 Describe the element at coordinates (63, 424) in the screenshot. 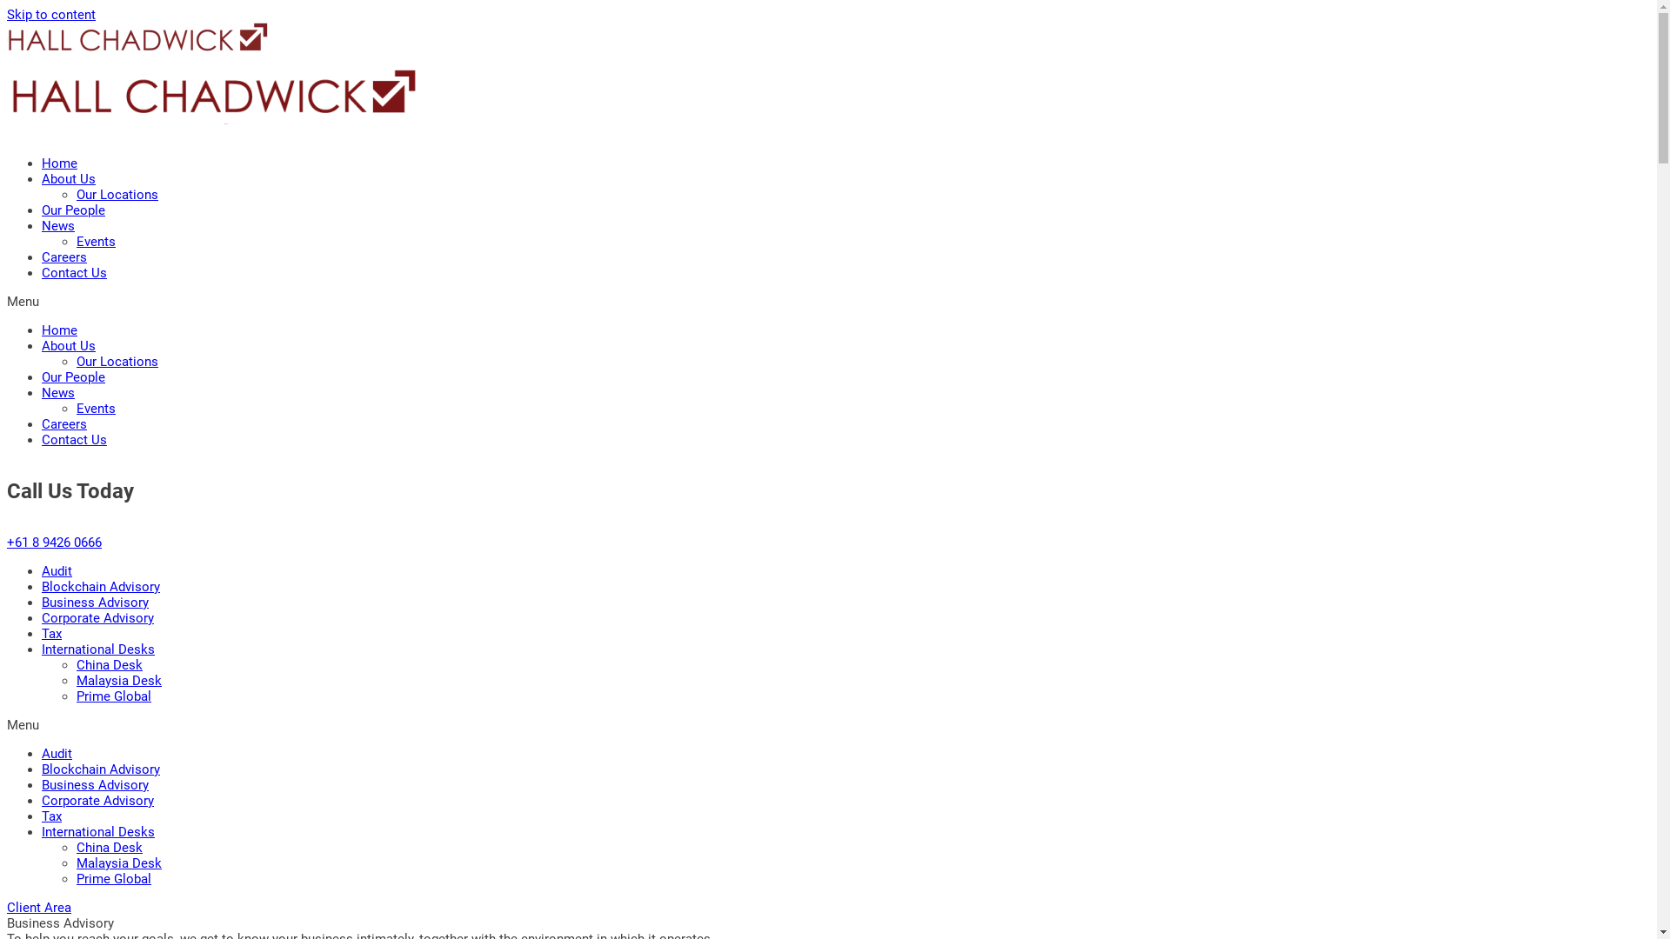

I see `'Careers'` at that location.